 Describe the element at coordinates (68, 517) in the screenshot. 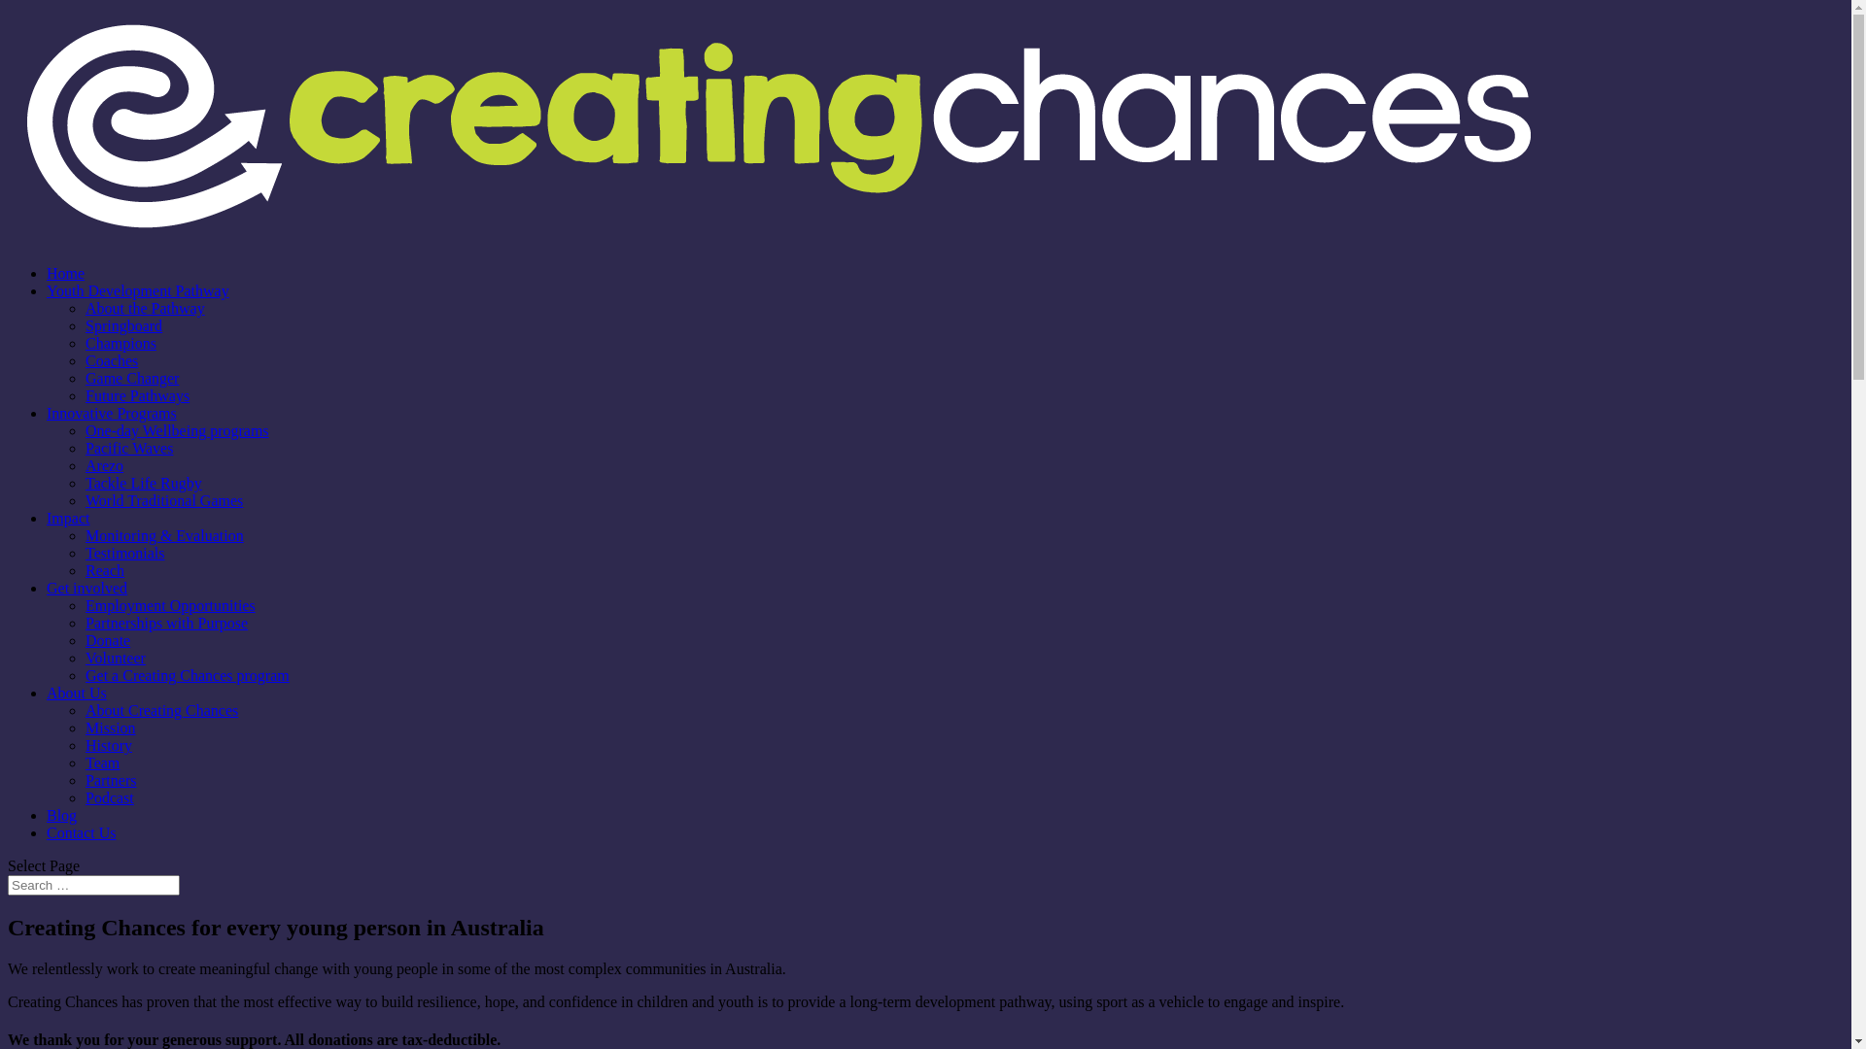

I see `'Impact'` at that location.